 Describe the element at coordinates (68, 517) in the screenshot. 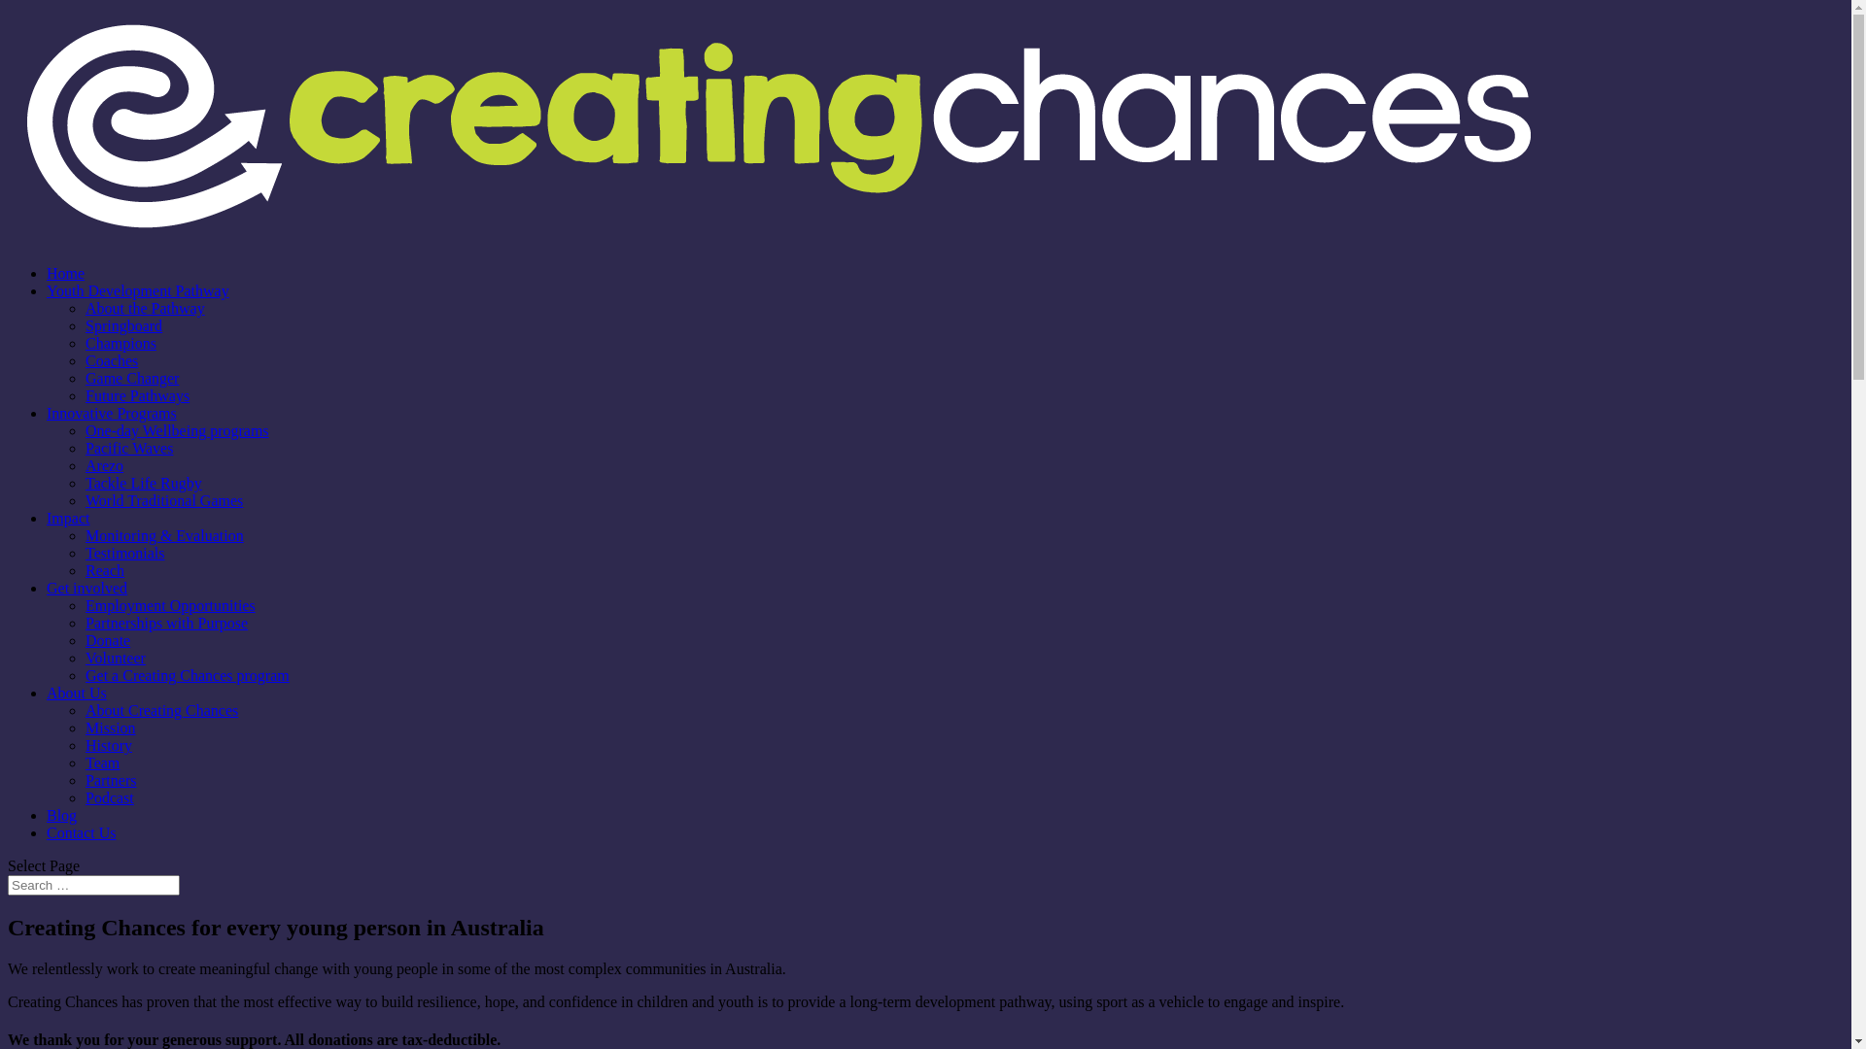

I see `'Impact'` at that location.